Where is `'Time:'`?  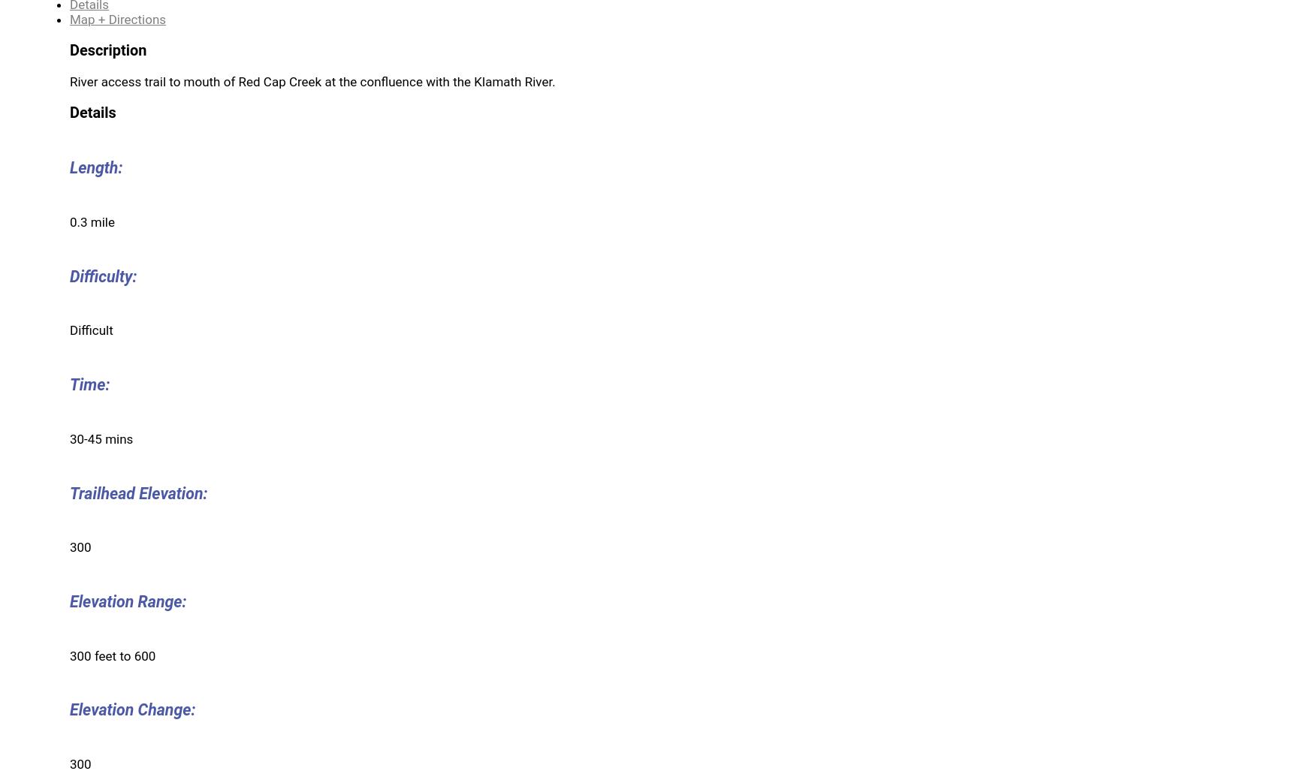 'Time:' is located at coordinates (89, 384).